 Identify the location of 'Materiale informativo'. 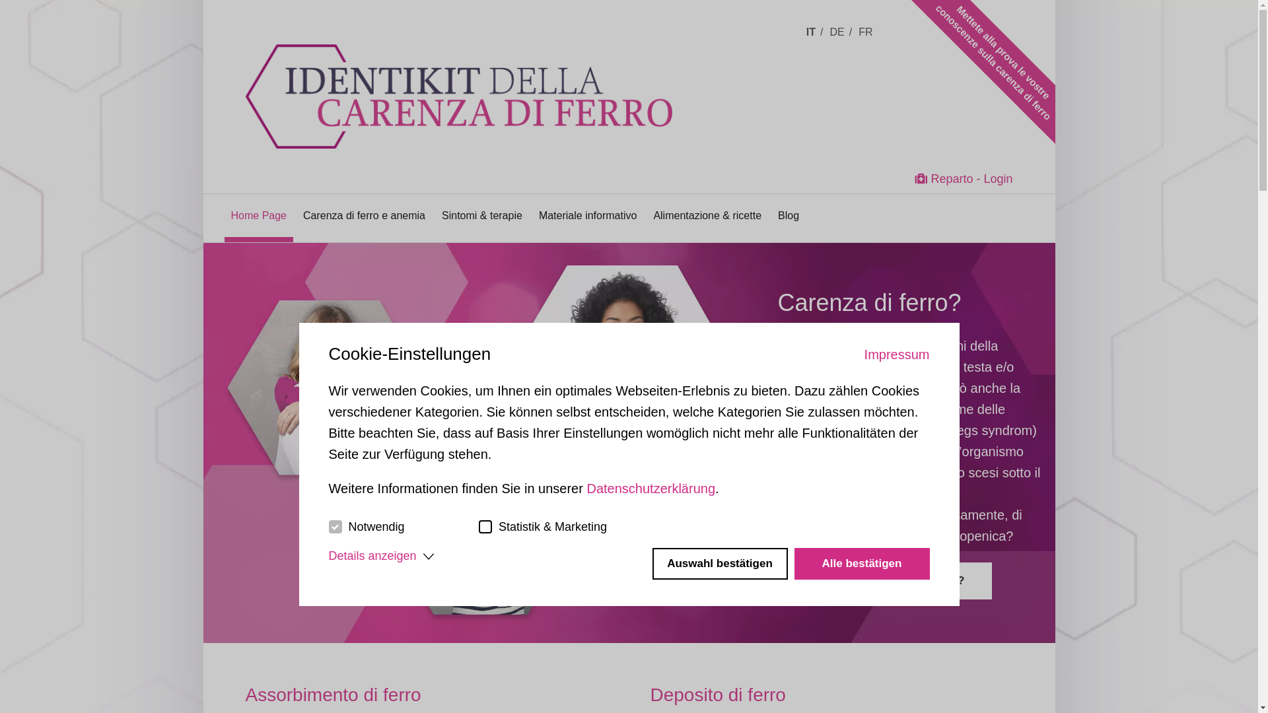
(587, 215).